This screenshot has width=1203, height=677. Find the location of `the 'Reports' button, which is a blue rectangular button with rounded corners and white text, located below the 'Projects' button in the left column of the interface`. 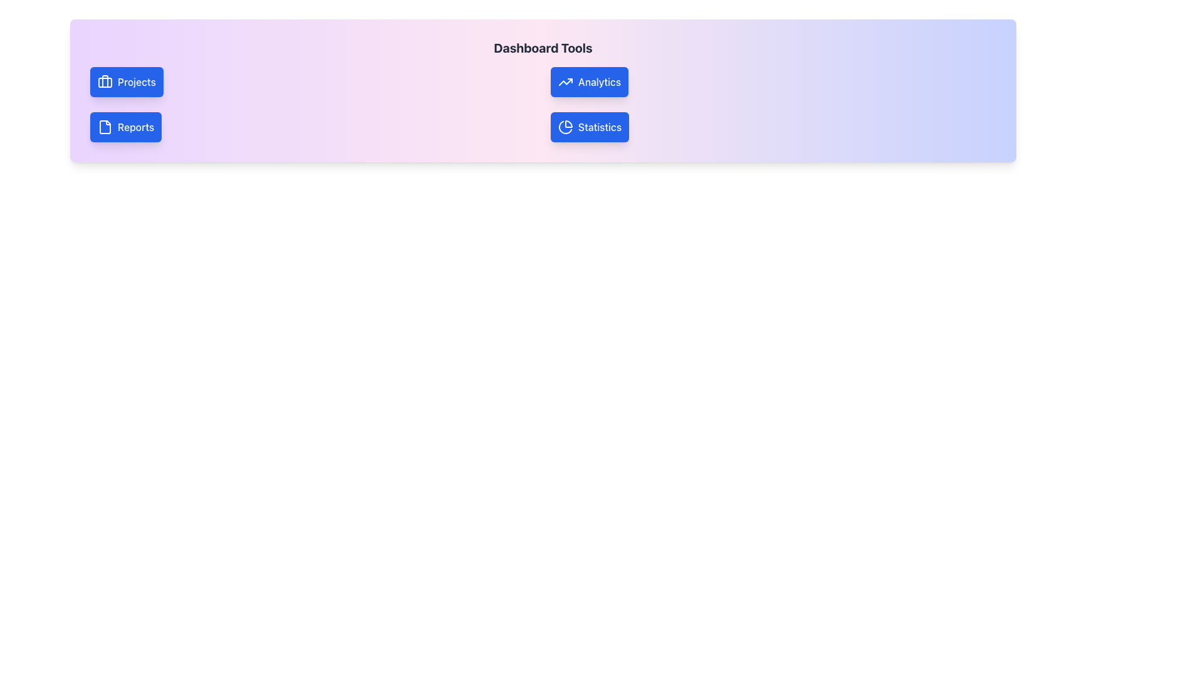

the 'Reports' button, which is a blue rectangular button with rounded corners and white text, located below the 'Projects' button in the left column of the interface is located at coordinates (126, 127).